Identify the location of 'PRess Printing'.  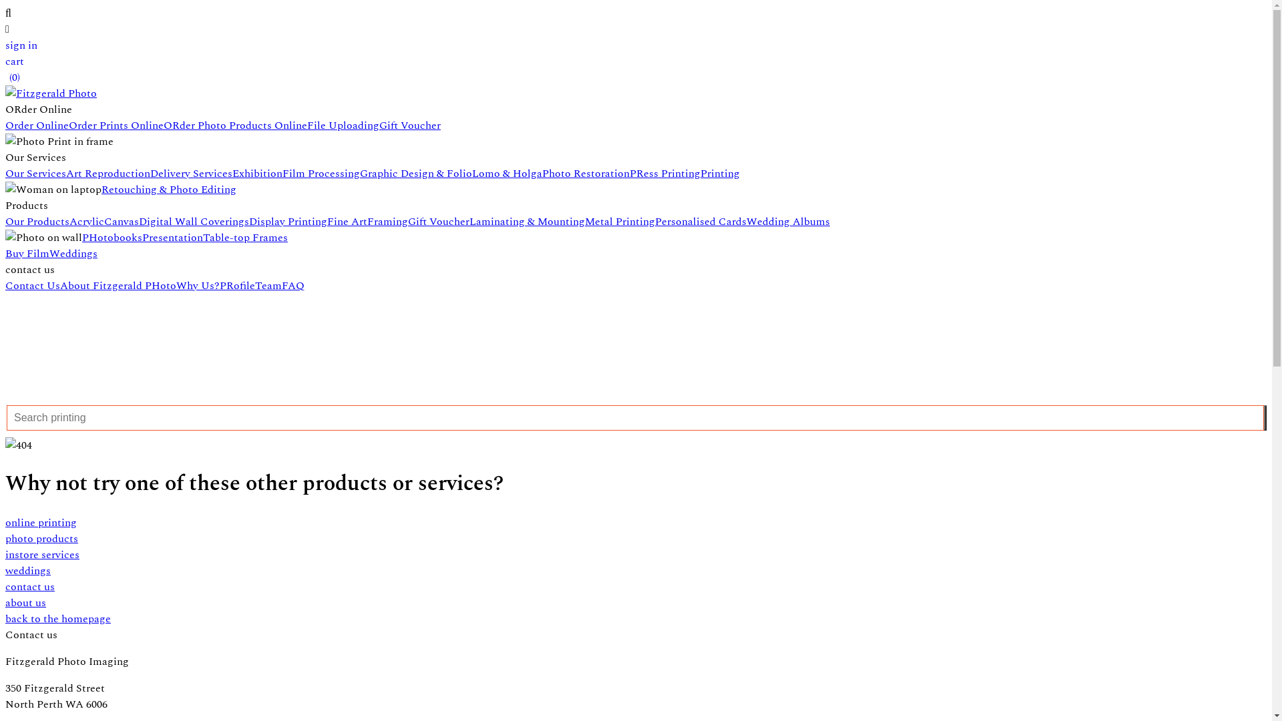
(665, 172).